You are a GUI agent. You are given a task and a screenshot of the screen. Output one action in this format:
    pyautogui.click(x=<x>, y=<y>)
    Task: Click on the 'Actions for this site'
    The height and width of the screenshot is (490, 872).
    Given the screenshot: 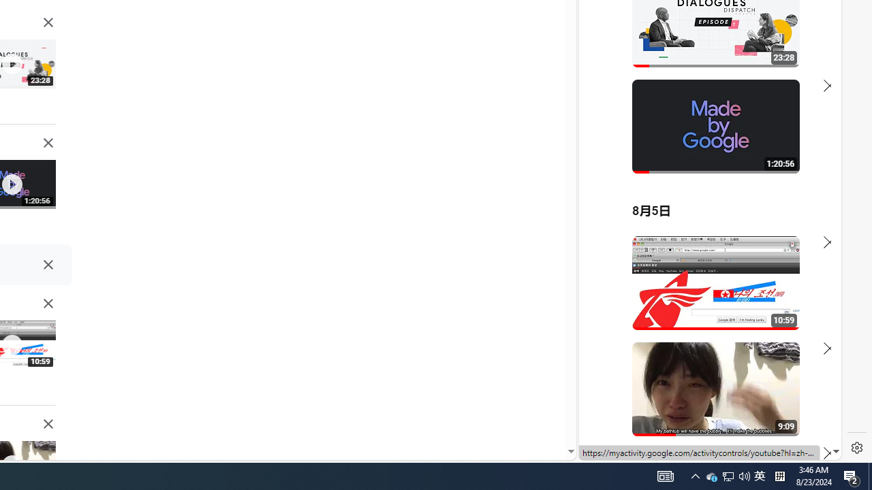 What is the action you would take?
    pyautogui.click(x=770, y=301)
    